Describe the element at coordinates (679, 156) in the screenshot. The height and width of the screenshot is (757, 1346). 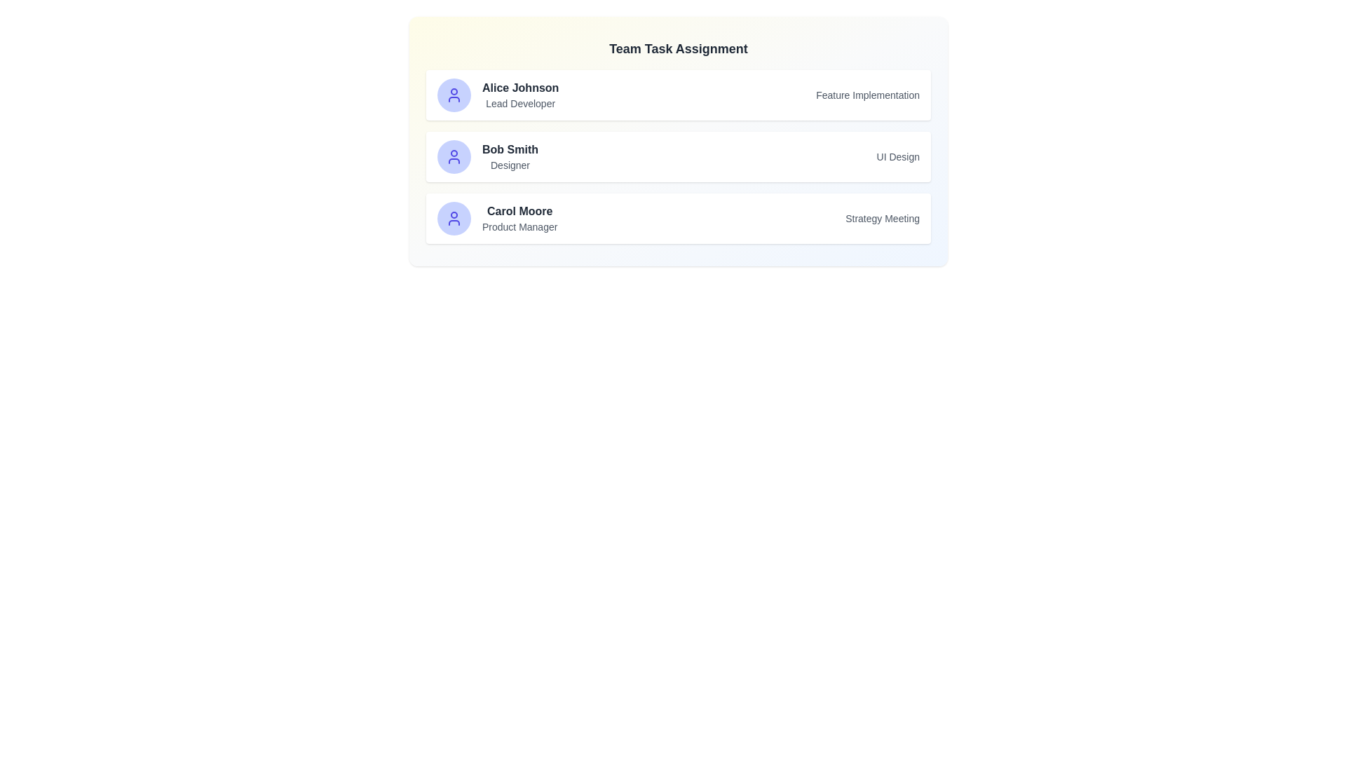
I see `the Content card displaying 'Bob Smith', which is the second entry in a vertically stacked list, positioned centrally below the 'Alice Johnson' card and above the 'Carol Moore' card` at that location.